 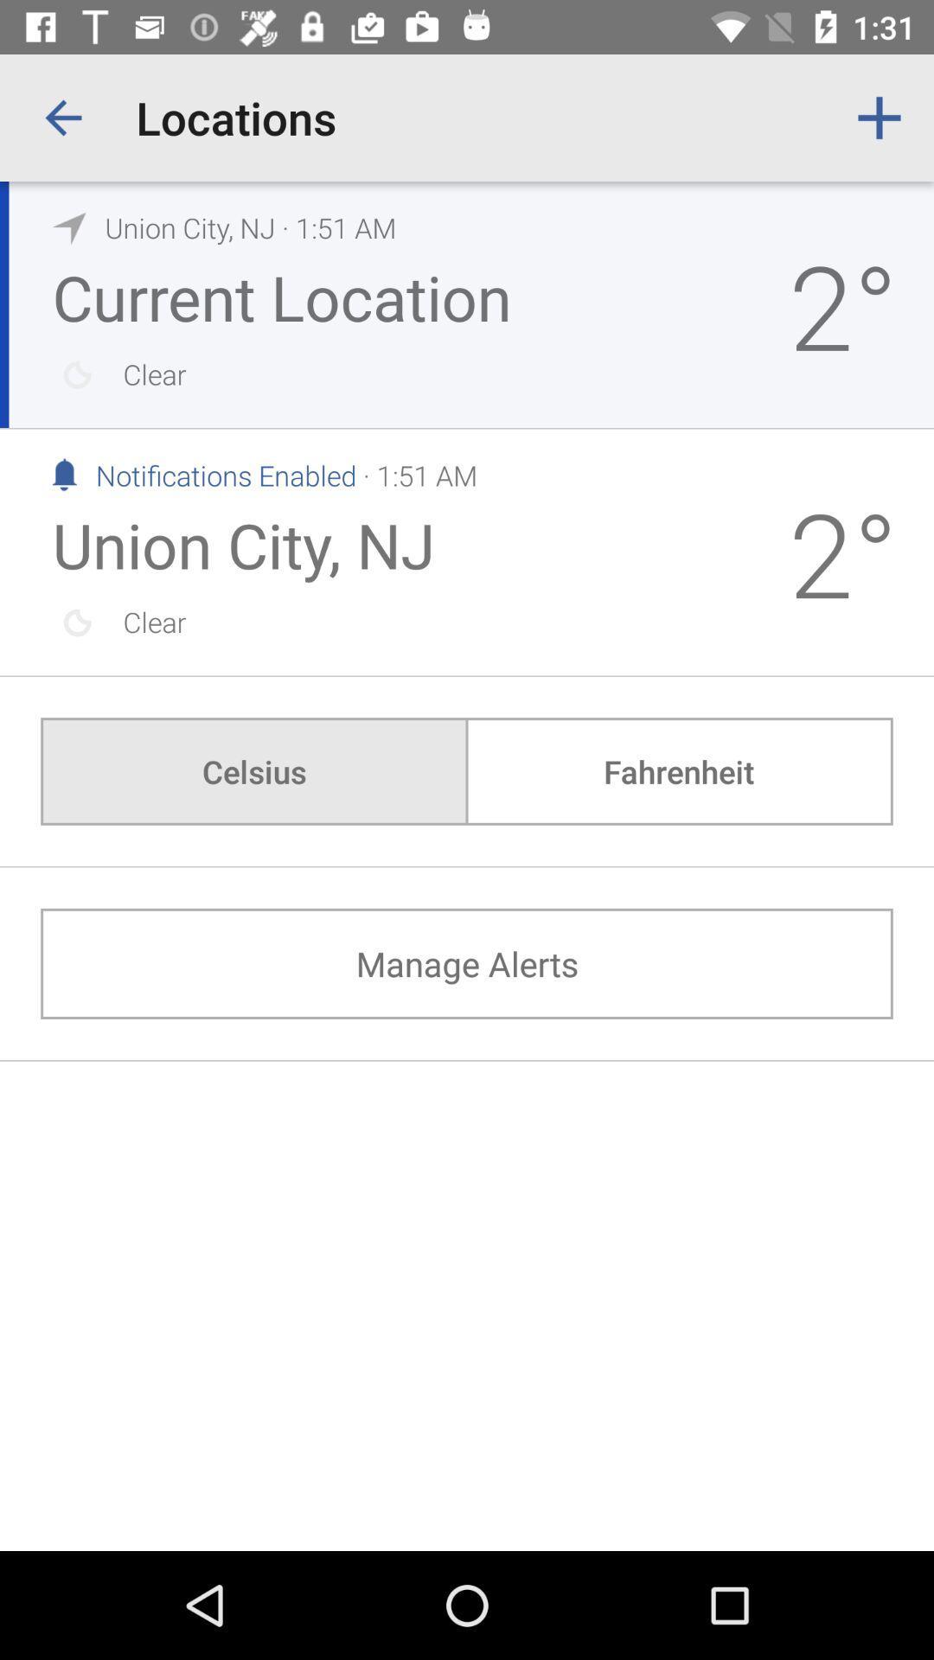 What do you see at coordinates (254, 770) in the screenshot?
I see `the celsius icon` at bounding box center [254, 770].